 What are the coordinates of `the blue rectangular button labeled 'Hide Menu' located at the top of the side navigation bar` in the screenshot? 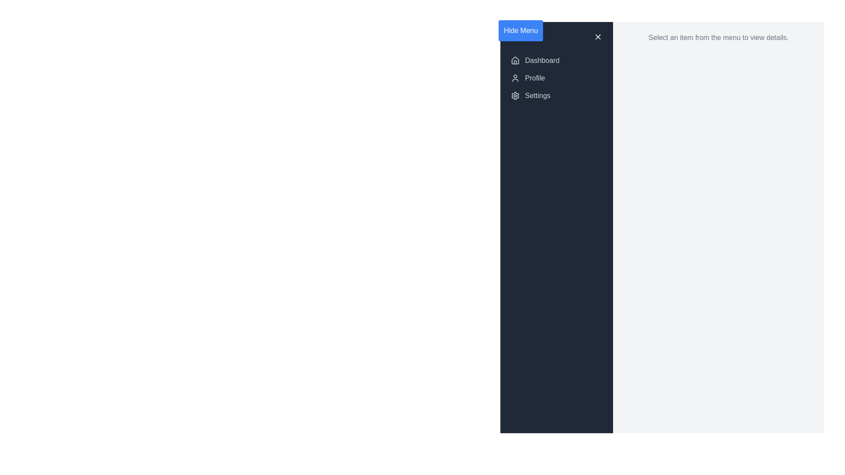 It's located at (521, 30).